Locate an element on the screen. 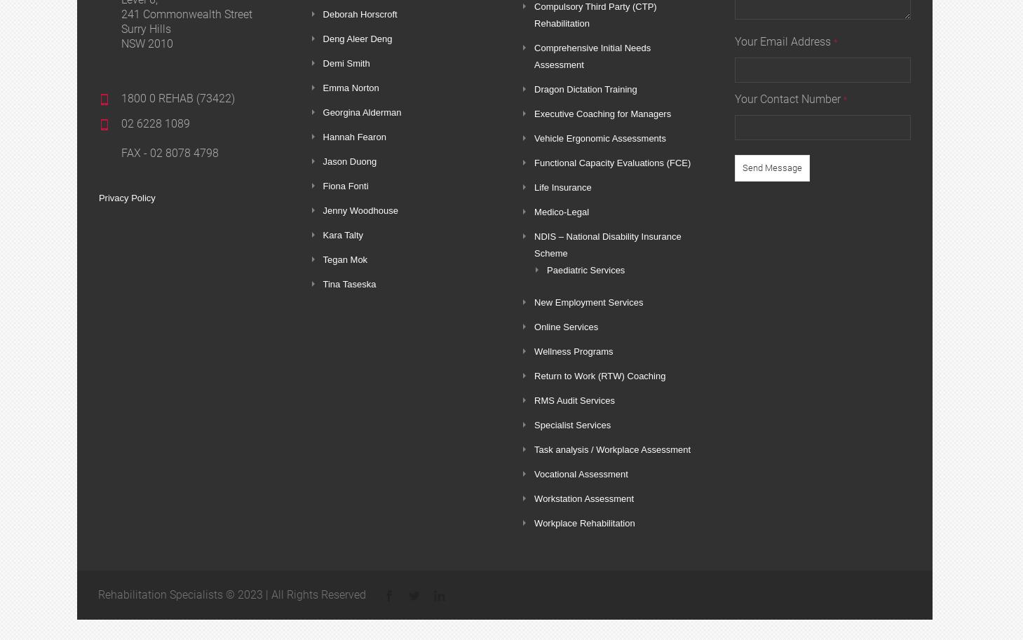 The image size is (1023, 640). 'Specialist Services' is located at coordinates (572, 425).